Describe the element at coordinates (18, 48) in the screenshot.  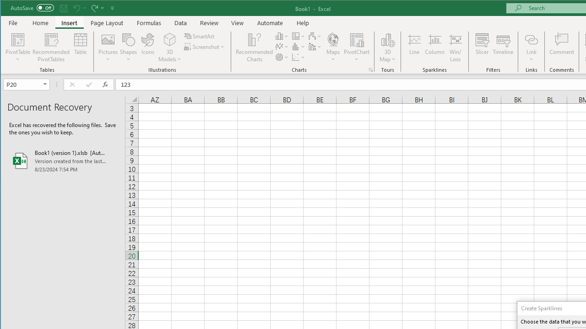
I see `'PivotTable'` at that location.